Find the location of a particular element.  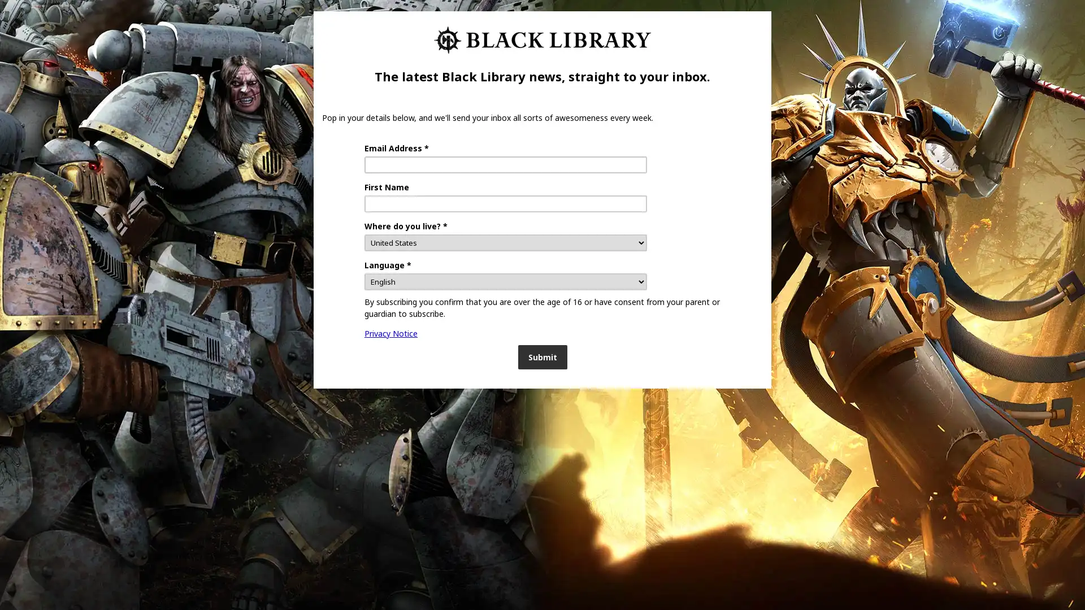

Submit is located at coordinates (541, 357).